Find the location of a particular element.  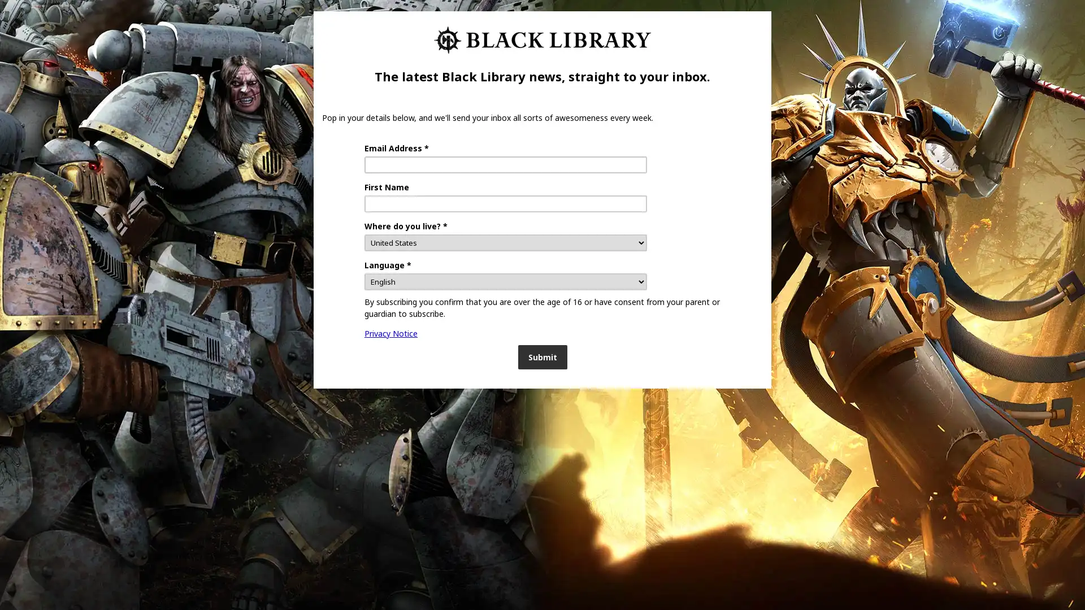

Submit is located at coordinates (541, 357).